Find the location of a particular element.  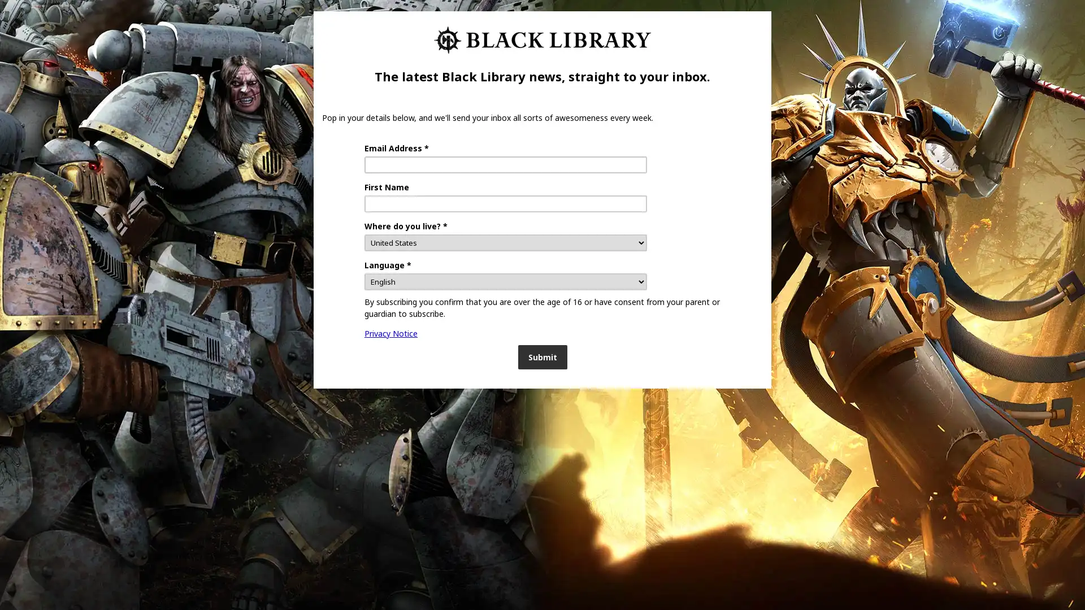

Submit is located at coordinates (541, 357).